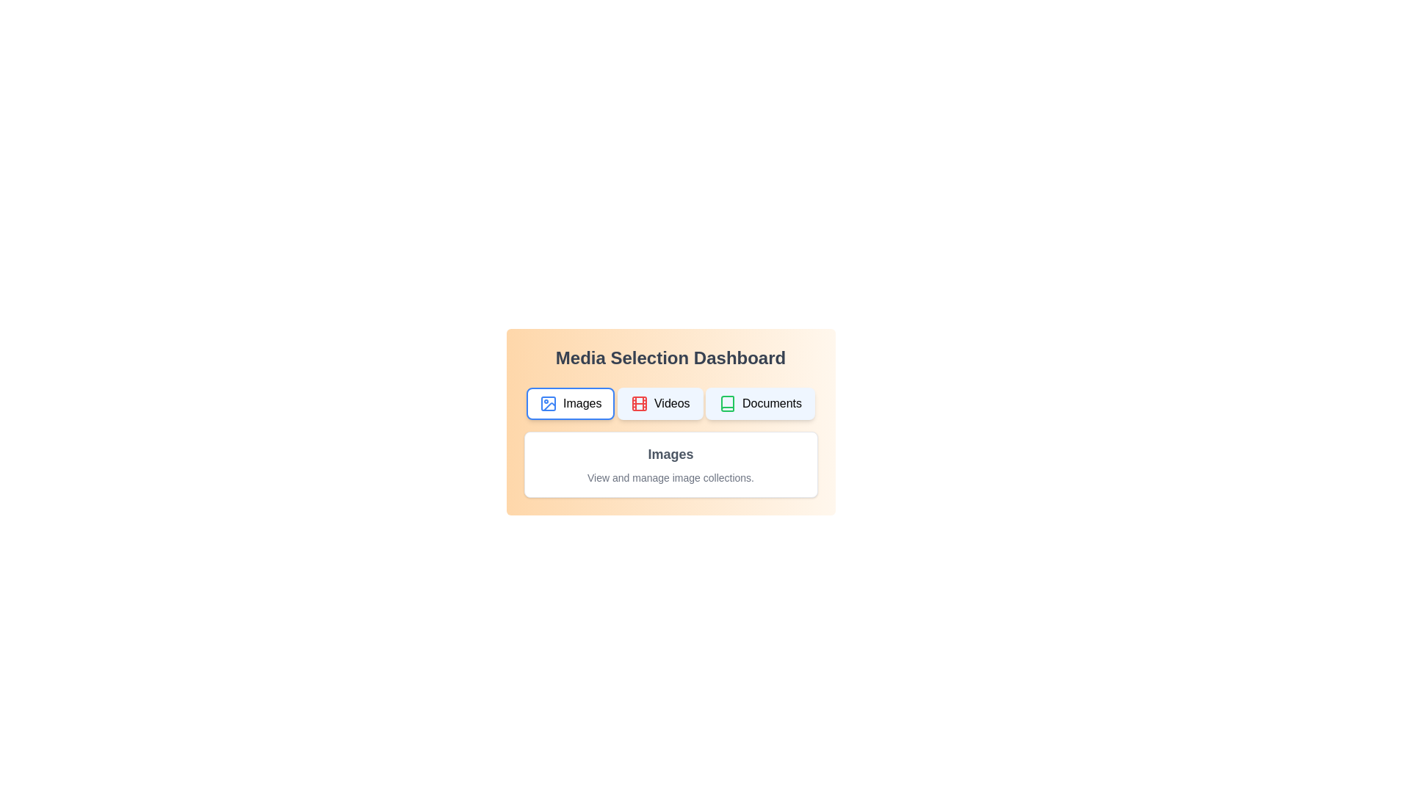 The width and height of the screenshot is (1410, 793). I want to click on the styled rectangle with rounded corners that is part of the filmstrip icon located in the second option of the horizontally aligned selection toolbar, so click(639, 404).